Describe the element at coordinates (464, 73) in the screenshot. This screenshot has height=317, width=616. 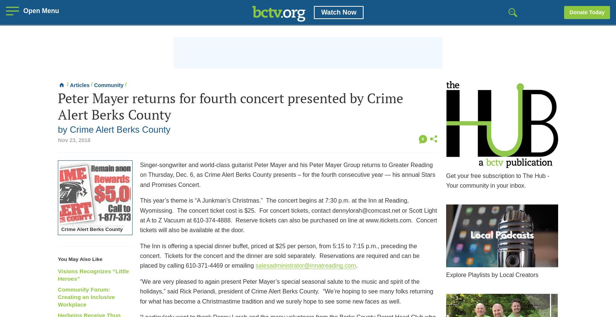
I see `'For Producers'` at that location.